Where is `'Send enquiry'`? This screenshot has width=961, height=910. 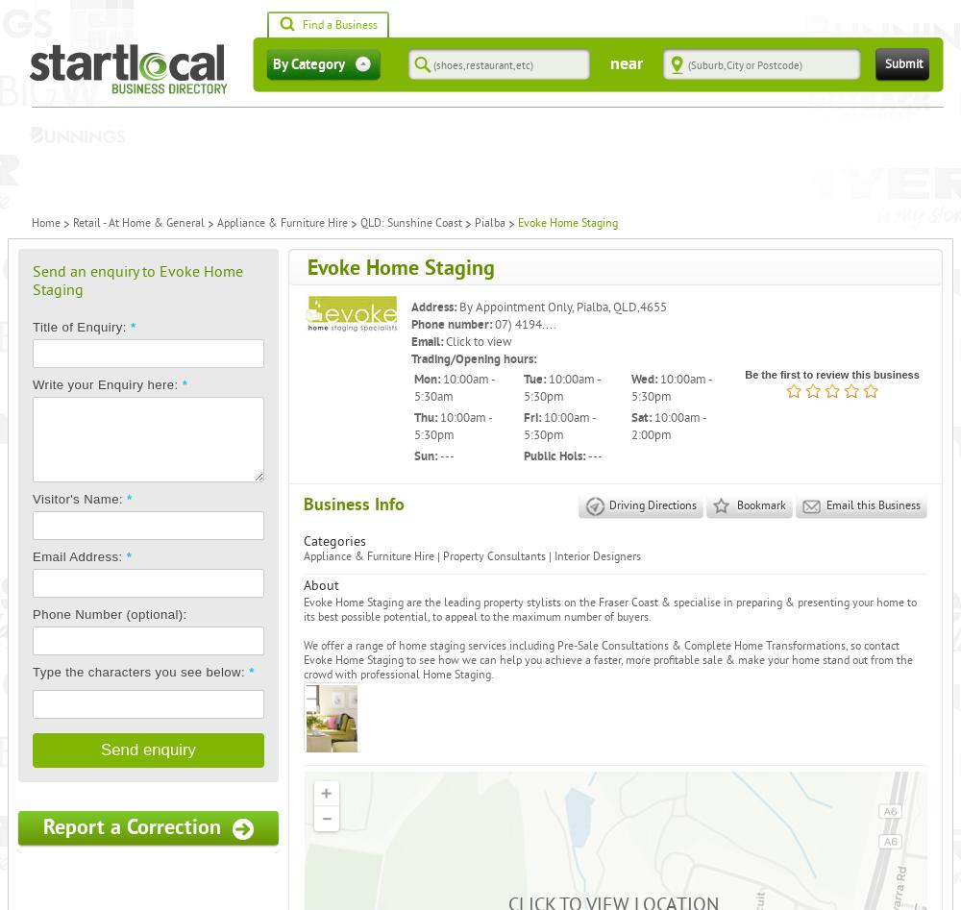 'Send enquiry' is located at coordinates (100, 750).